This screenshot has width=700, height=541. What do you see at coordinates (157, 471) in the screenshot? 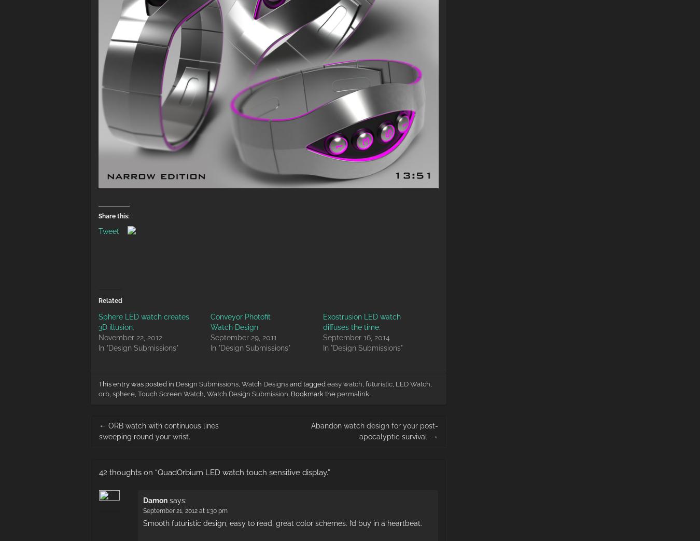
I see `'QuadOrbium LED watch touch sensitive display.'` at bounding box center [157, 471].